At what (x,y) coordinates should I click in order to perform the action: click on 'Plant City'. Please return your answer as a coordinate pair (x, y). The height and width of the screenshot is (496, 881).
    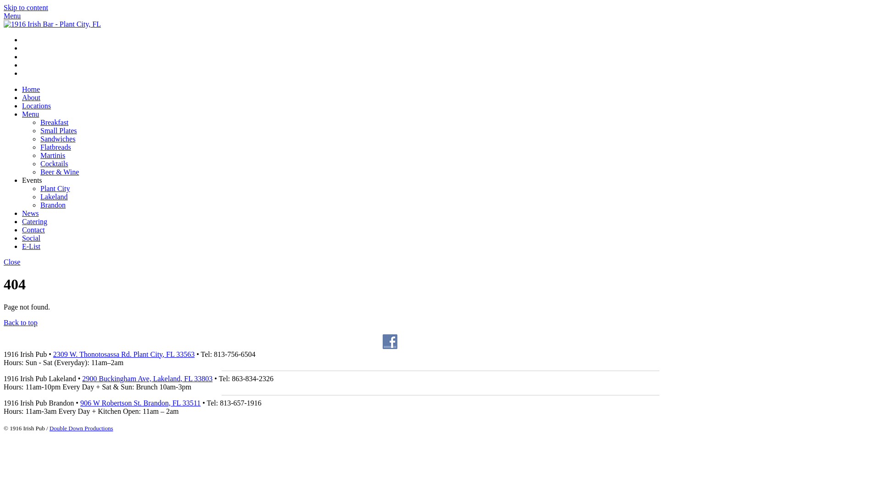
    Looking at the image, I should click on (55, 188).